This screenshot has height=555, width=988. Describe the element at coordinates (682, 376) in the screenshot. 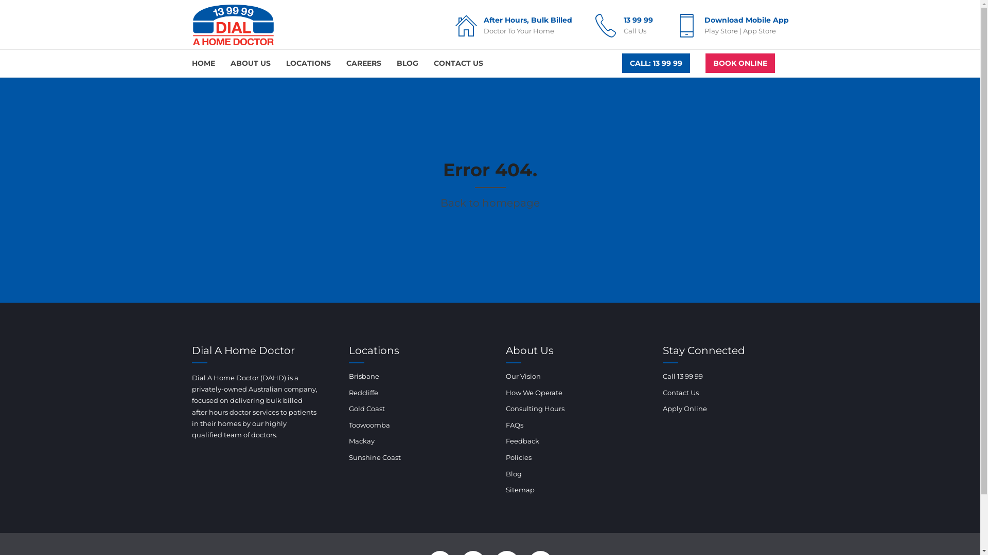

I see `'Call 13 99 99'` at that location.